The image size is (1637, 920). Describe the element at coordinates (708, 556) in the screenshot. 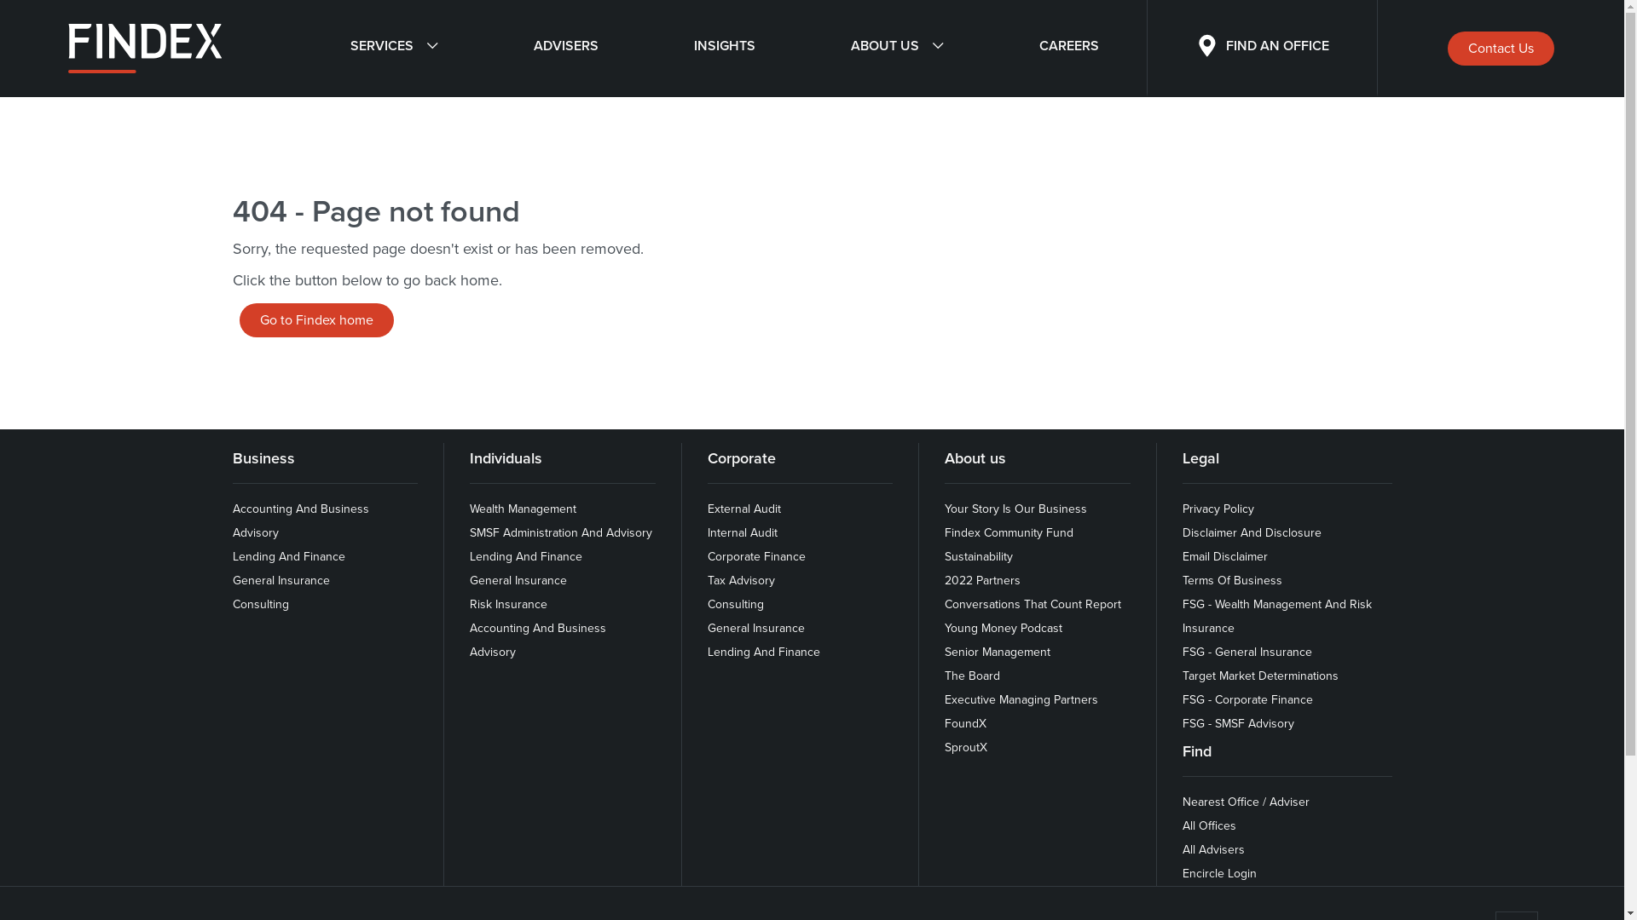

I see `'Corporate Finance'` at that location.